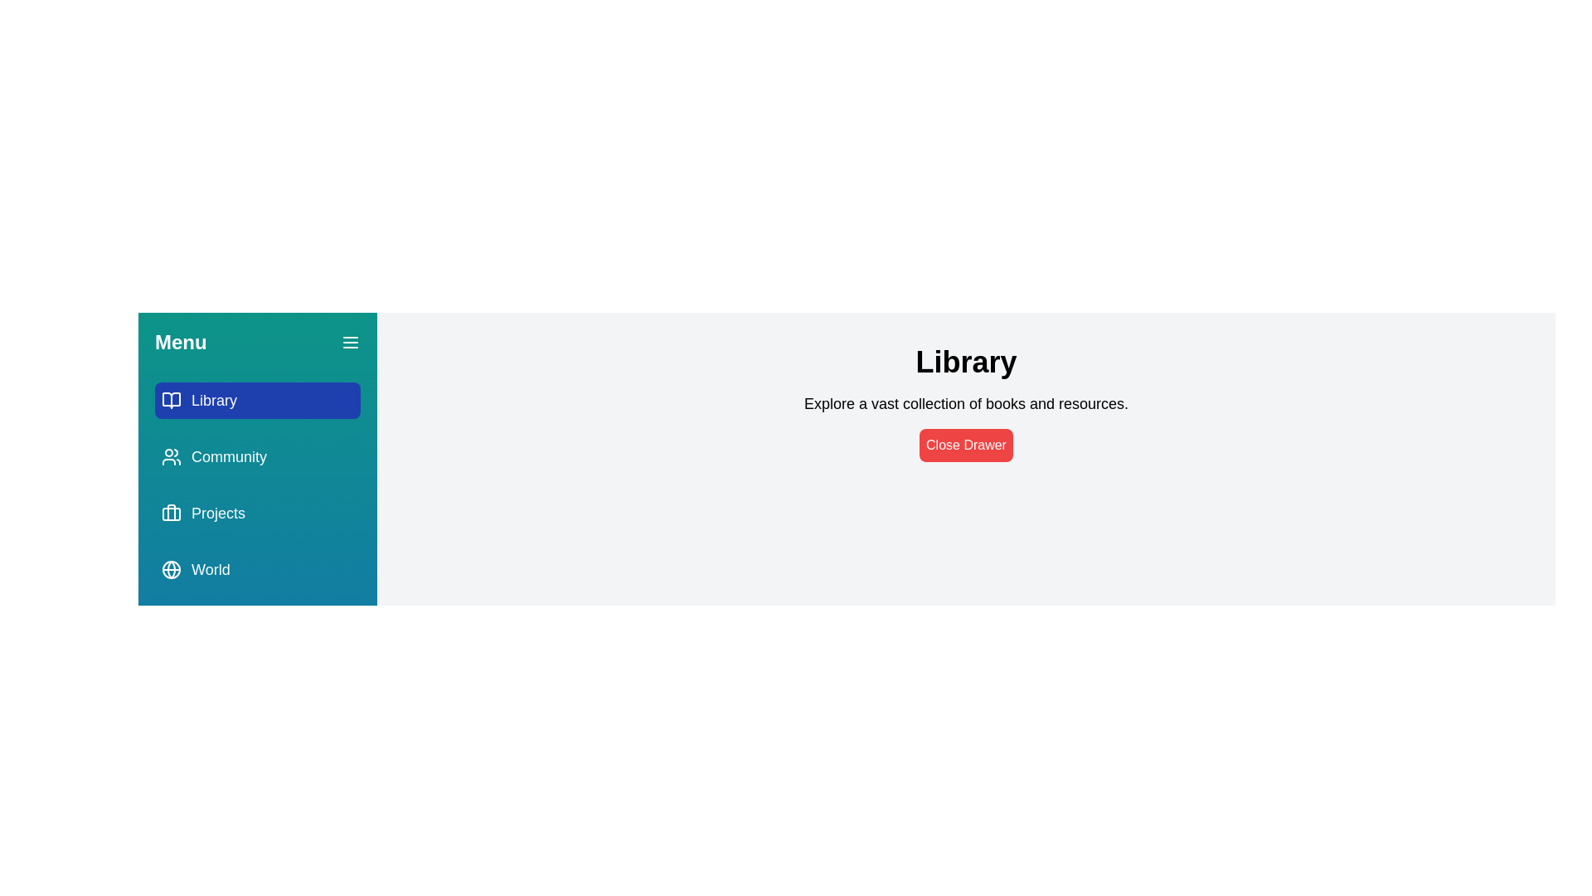  I want to click on the menu item Community to observe its hover effect, so click(257, 457).